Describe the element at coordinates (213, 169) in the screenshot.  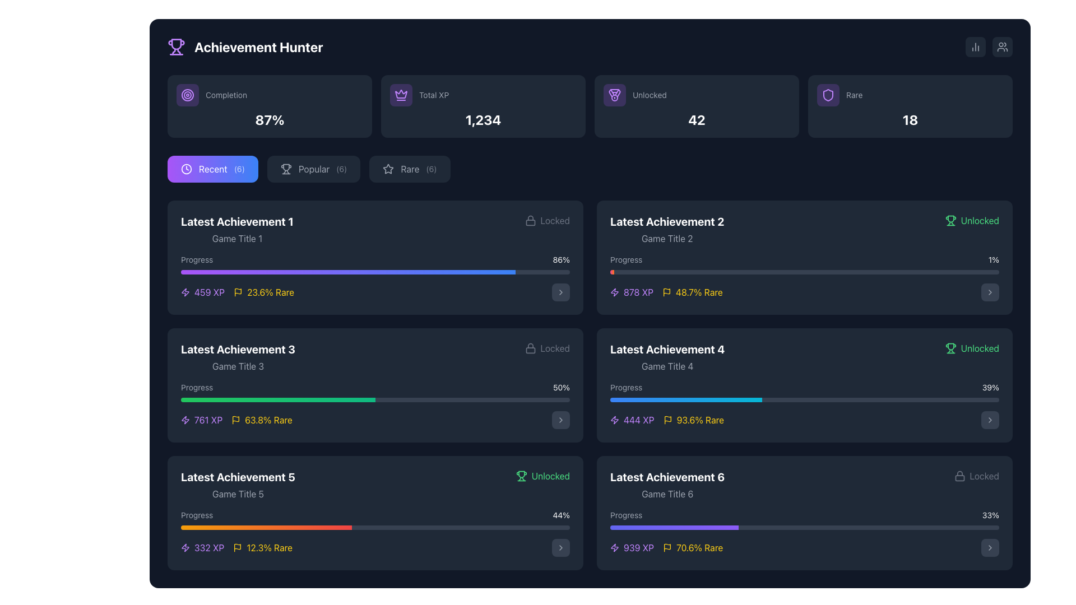
I see `the 'Recent' text label within the clickable button that filters or sorts content` at that location.